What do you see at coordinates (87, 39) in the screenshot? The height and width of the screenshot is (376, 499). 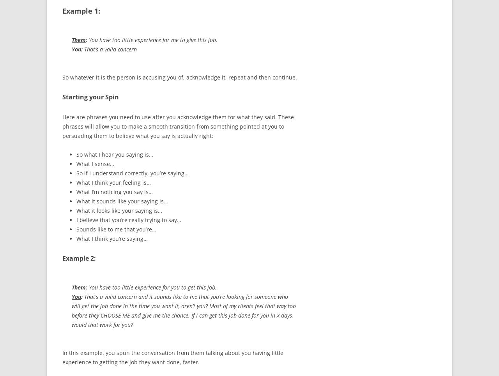 I see `'You have too little experience for me to give this job.'` at bounding box center [87, 39].